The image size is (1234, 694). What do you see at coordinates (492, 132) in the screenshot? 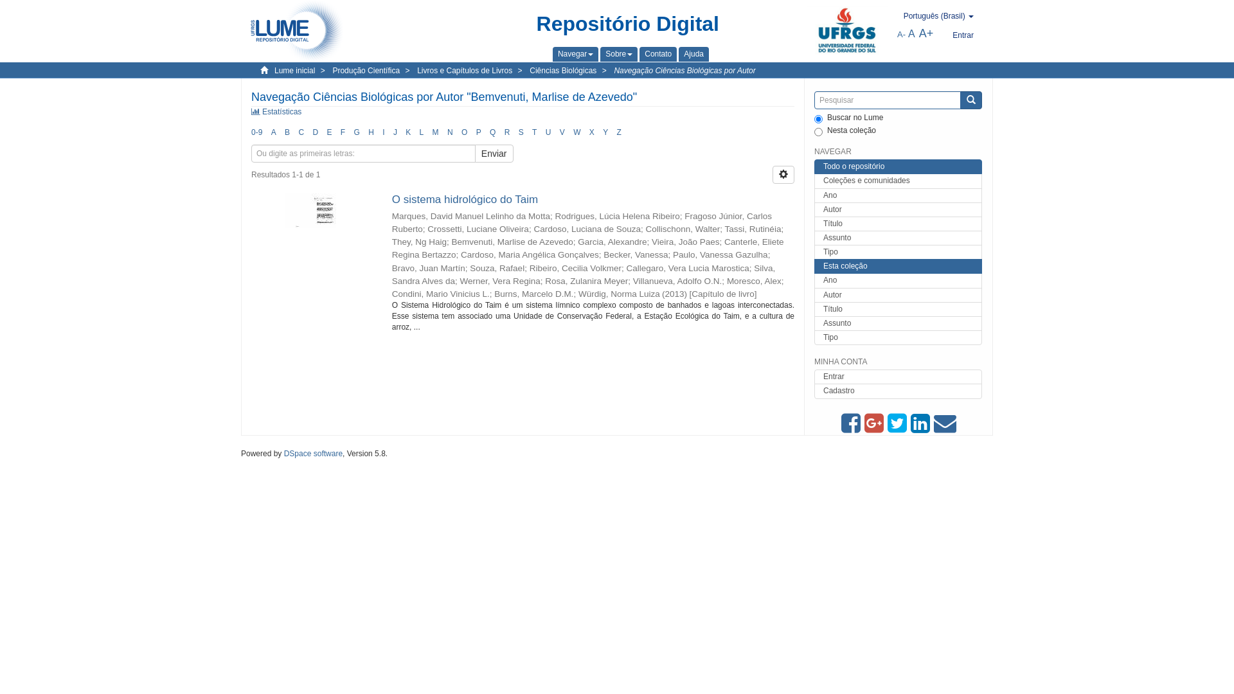
I see `'Q'` at bounding box center [492, 132].